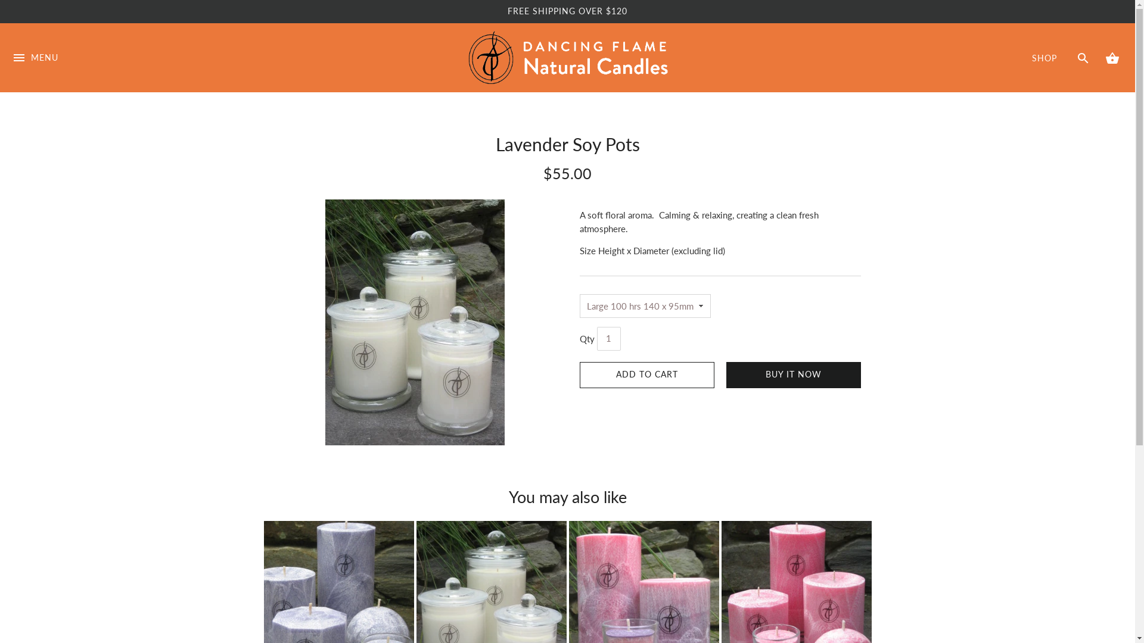  What do you see at coordinates (792, 374) in the screenshot?
I see `'BUY IT NOW'` at bounding box center [792, 374].